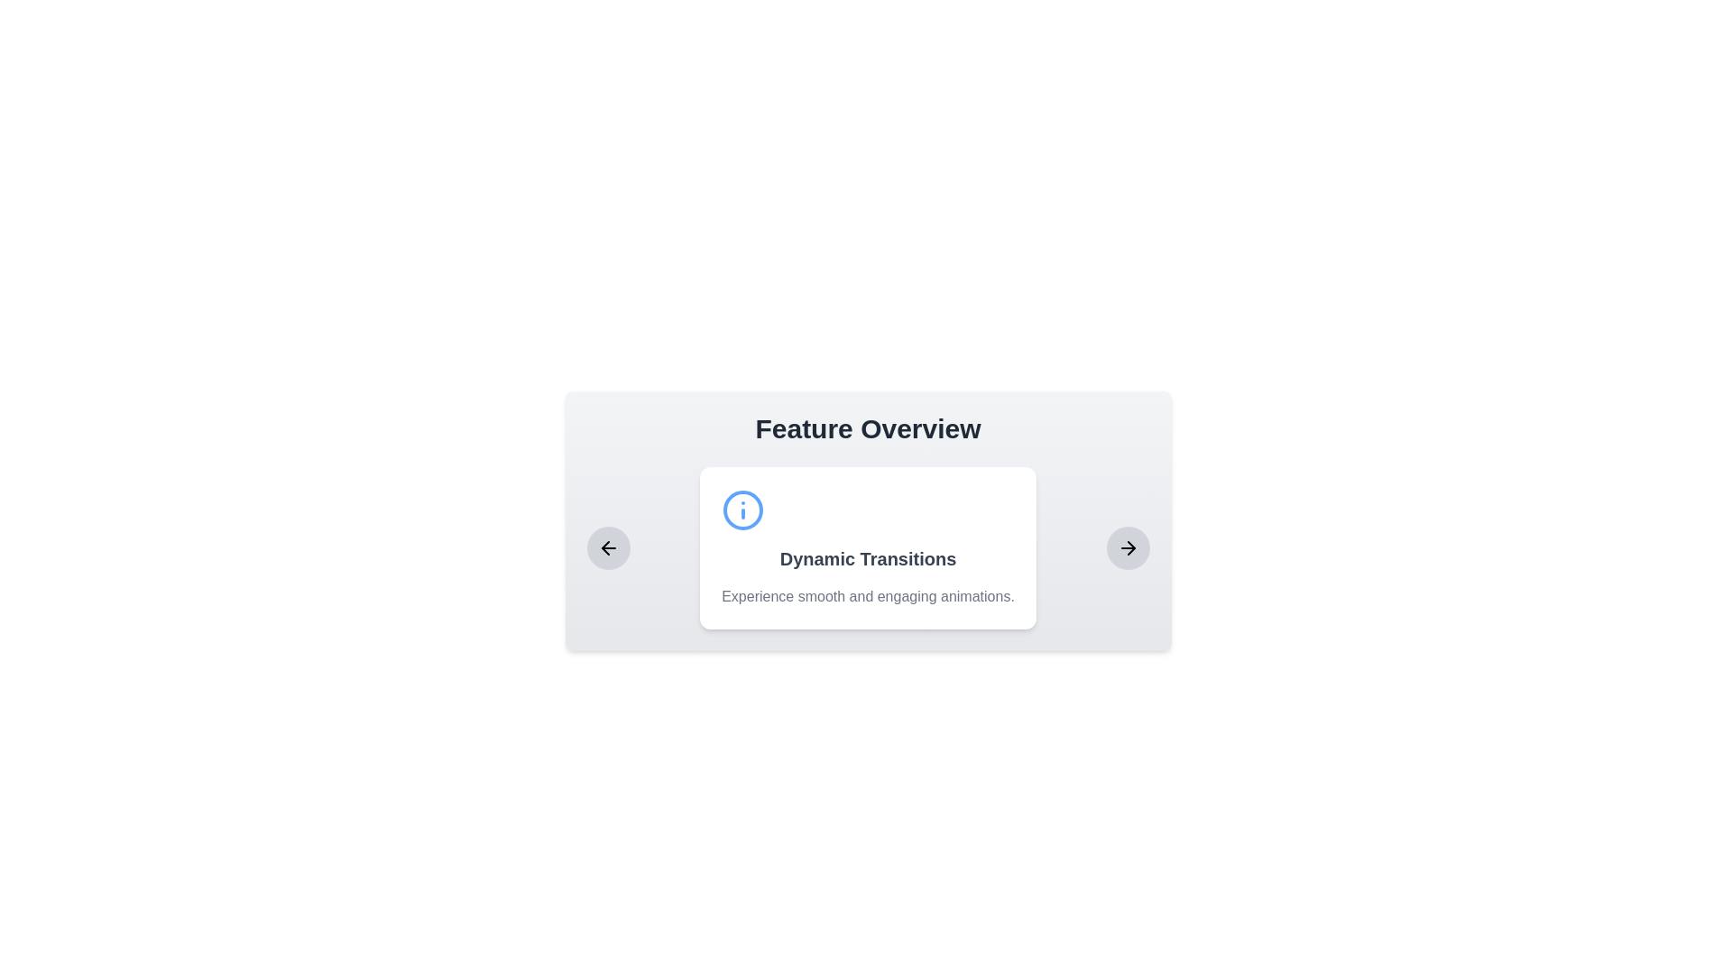 Image resolution: width=1732 pixels, height=974 pixels. What do you see at coordinates (1127, 547) in the screenshot?
I see `the right-pointing arrow icon located within a small circular button on the far right of the feature overview card` at bounding box center [1127, 547].